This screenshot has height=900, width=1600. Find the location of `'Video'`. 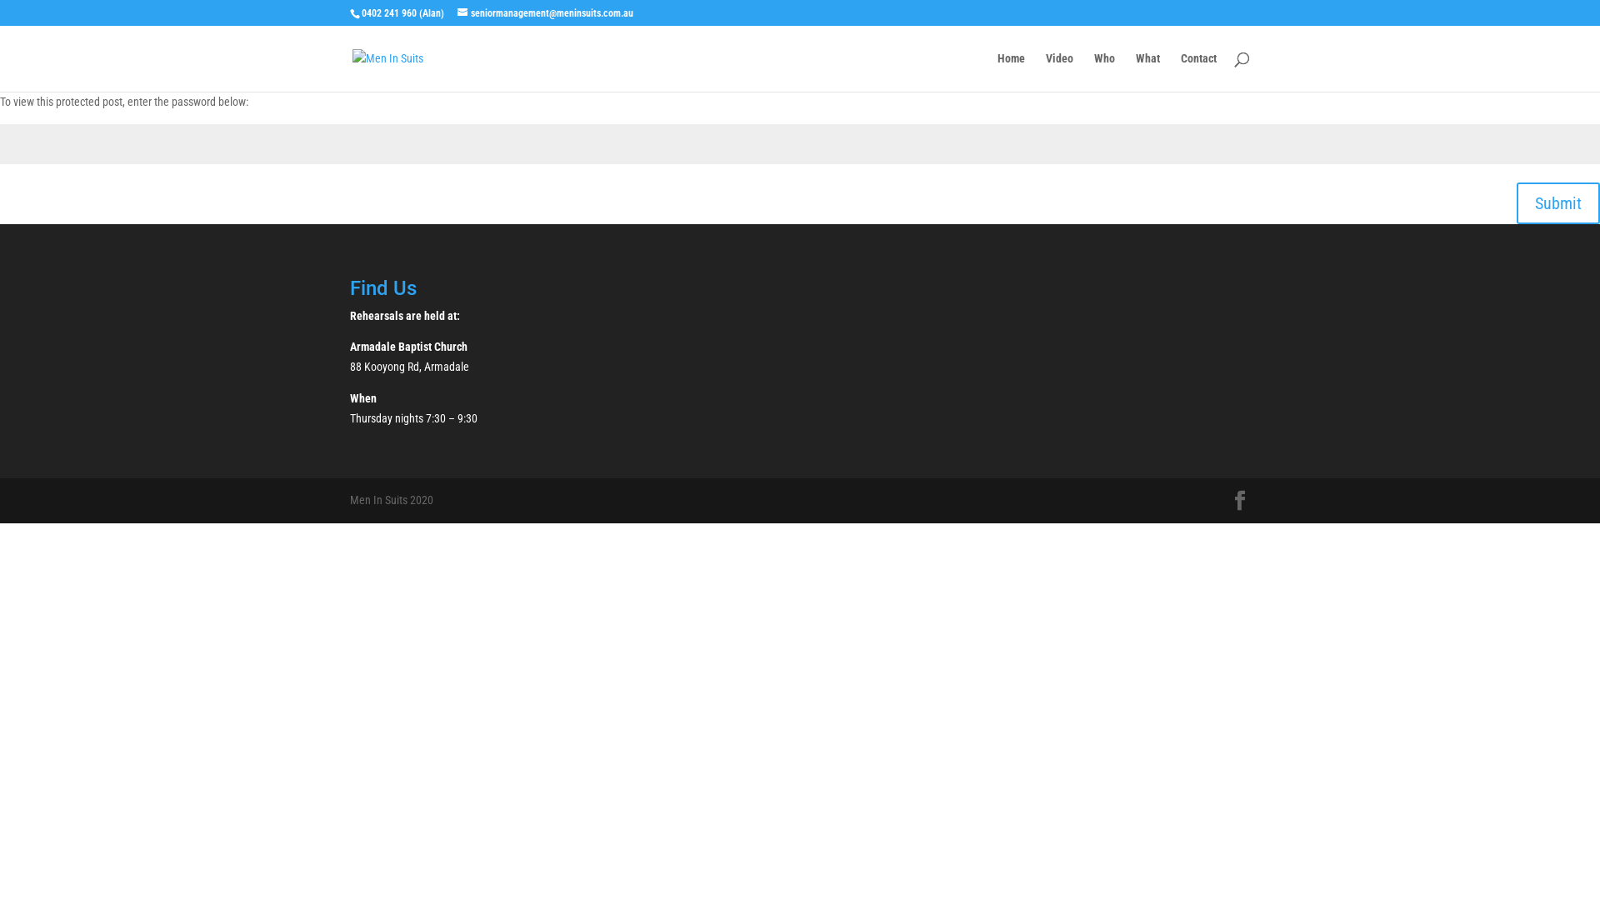

'Video' is located at coordinates (1044, 71).